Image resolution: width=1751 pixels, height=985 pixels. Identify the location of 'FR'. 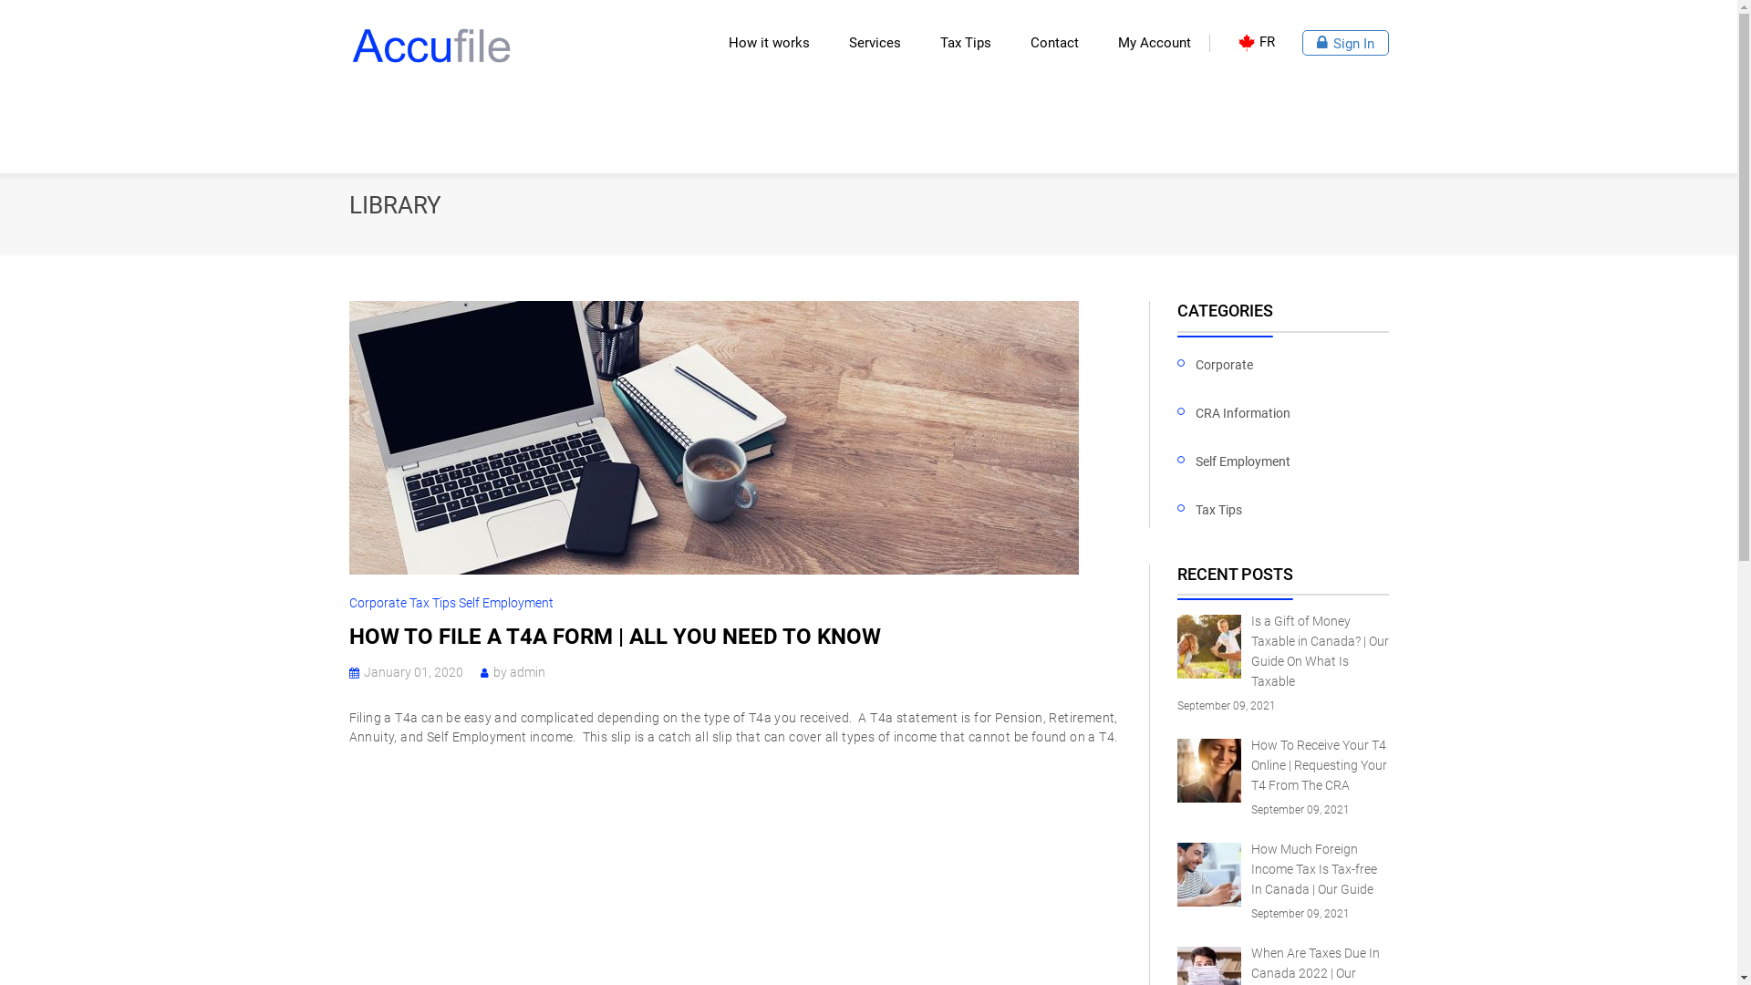
(1254, 41).